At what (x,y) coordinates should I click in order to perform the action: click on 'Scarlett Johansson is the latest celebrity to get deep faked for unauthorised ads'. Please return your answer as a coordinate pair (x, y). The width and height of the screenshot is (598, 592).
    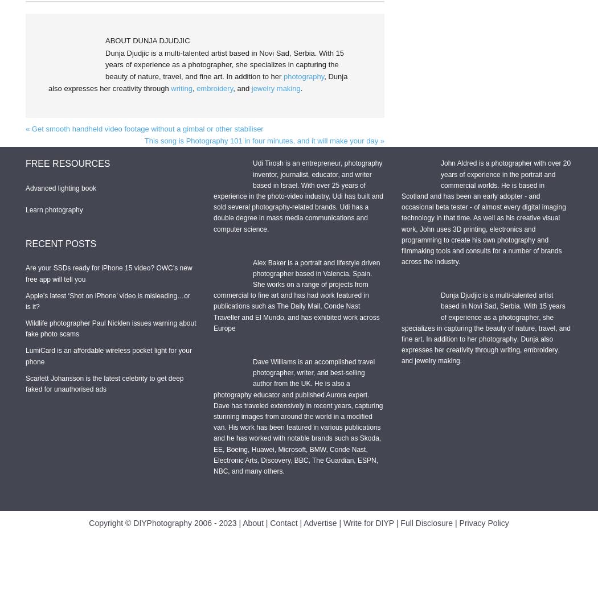
    Looking at the image, I should click on (25, 384).